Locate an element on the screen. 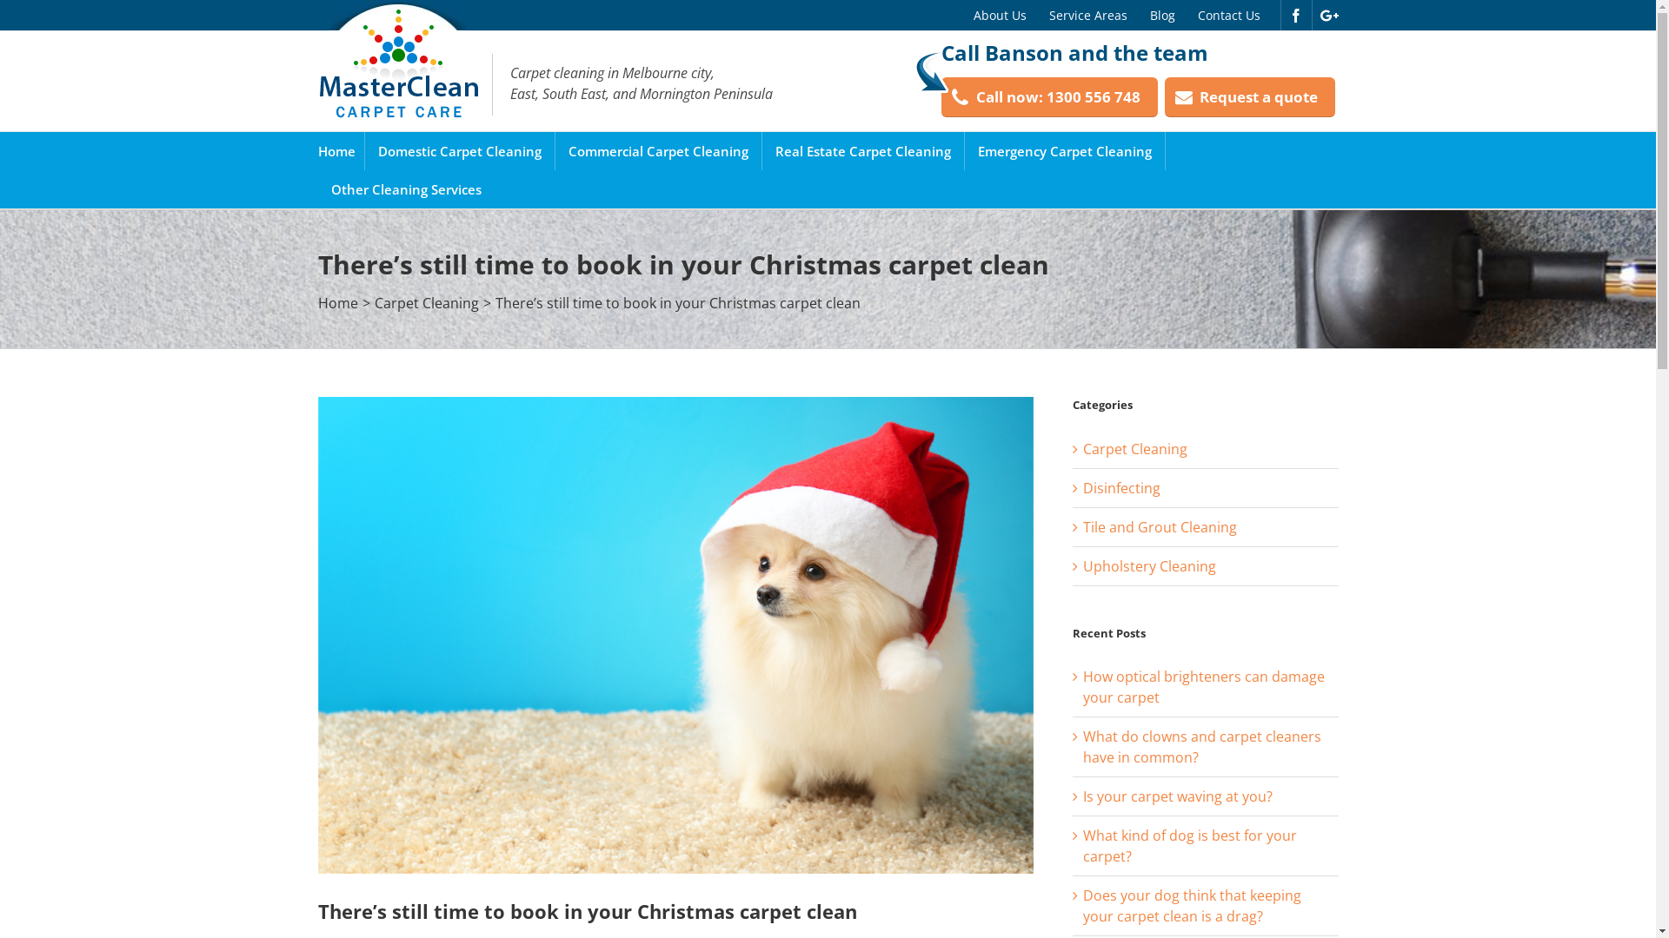  'Request a quote' is located at coordinates (1249, 97).